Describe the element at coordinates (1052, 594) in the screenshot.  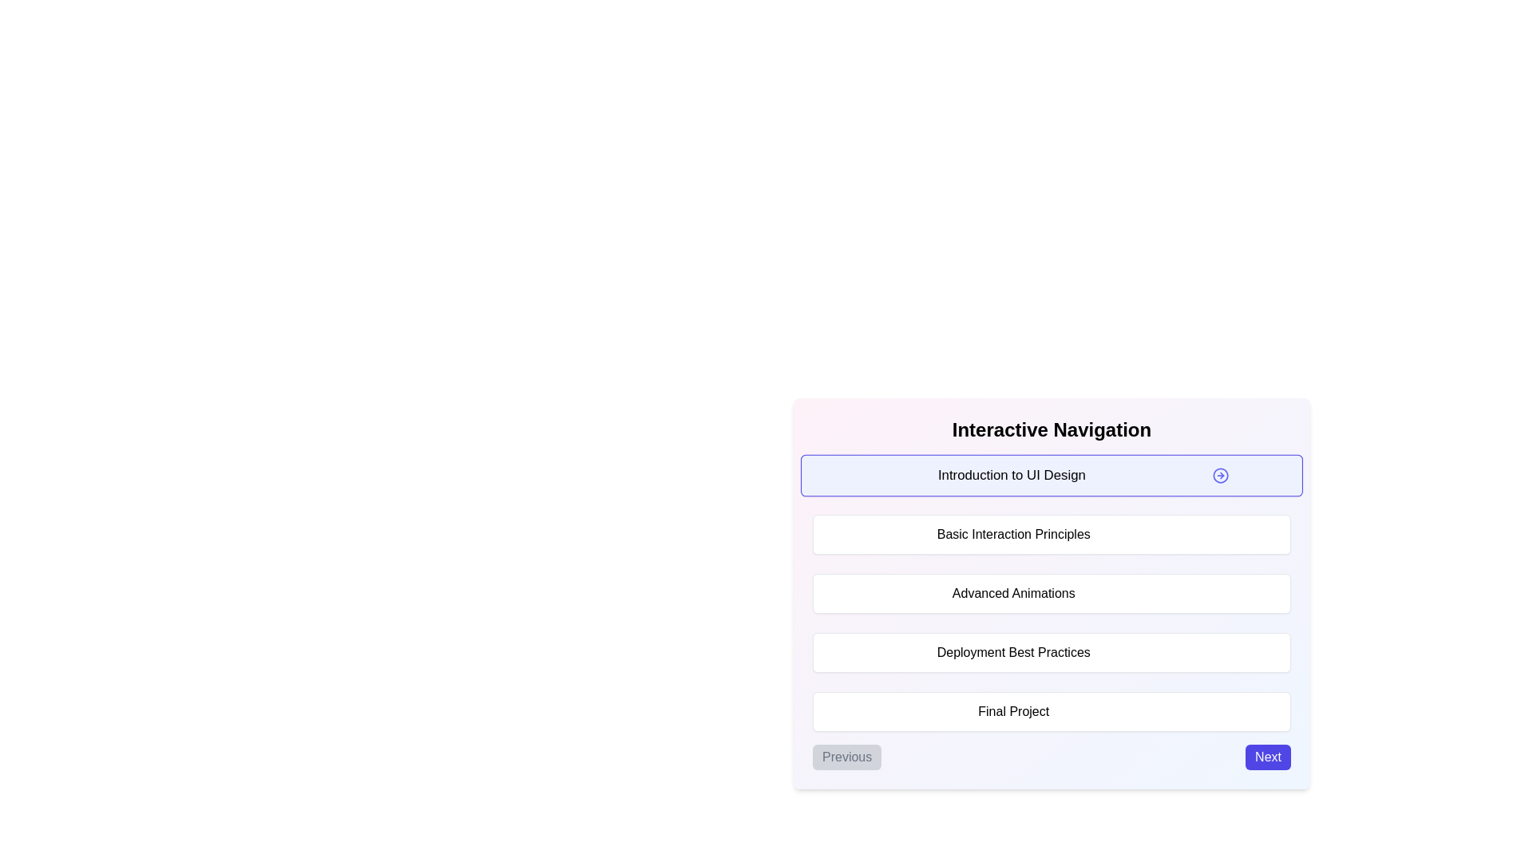
I see `the step labeled Advanced Animations to navigate to it` at that location.